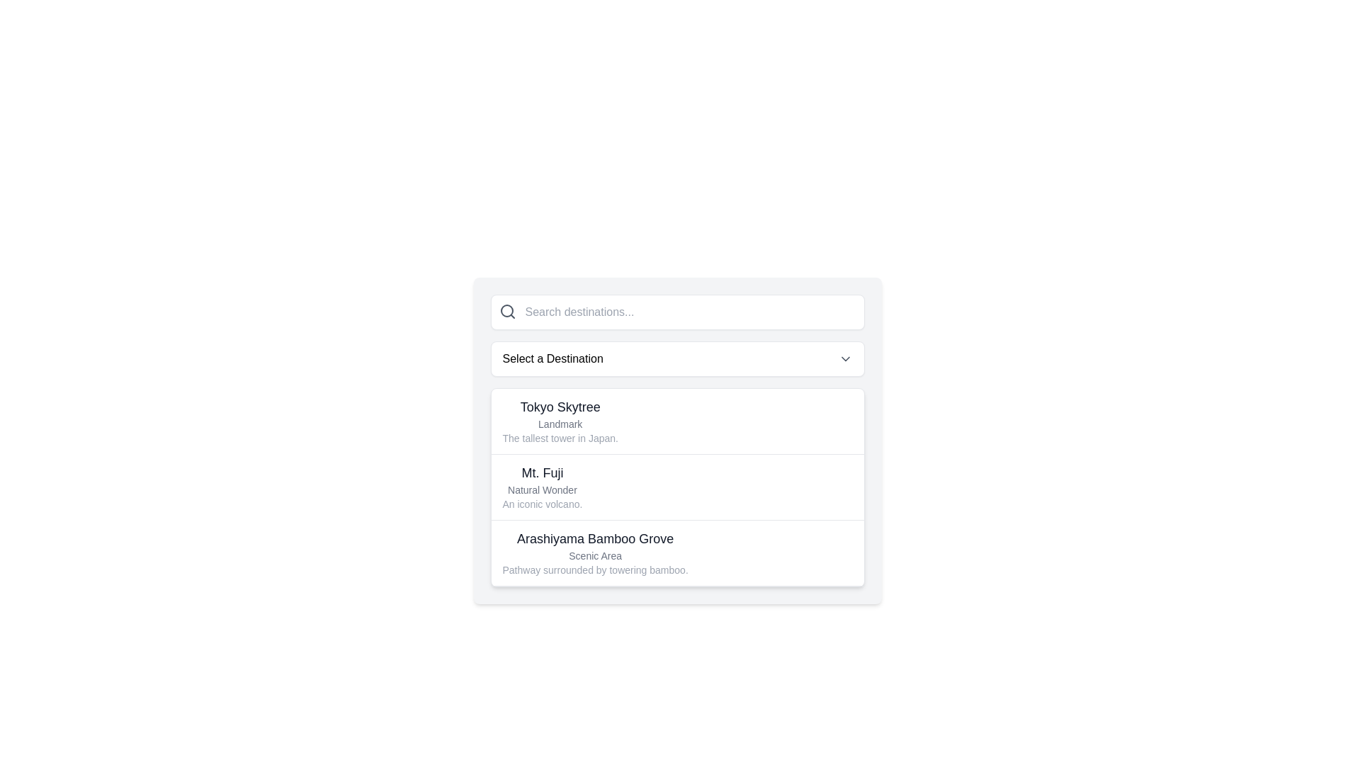 This screenshot has height=765, width=1360. What do you see at coordinates (507, 310) in the screenshot?
I see `the magnifying glass icon used for the search feature, located inside the search input field at the left end of the text box in the top section of the modal` at bounding box center [507, 310].